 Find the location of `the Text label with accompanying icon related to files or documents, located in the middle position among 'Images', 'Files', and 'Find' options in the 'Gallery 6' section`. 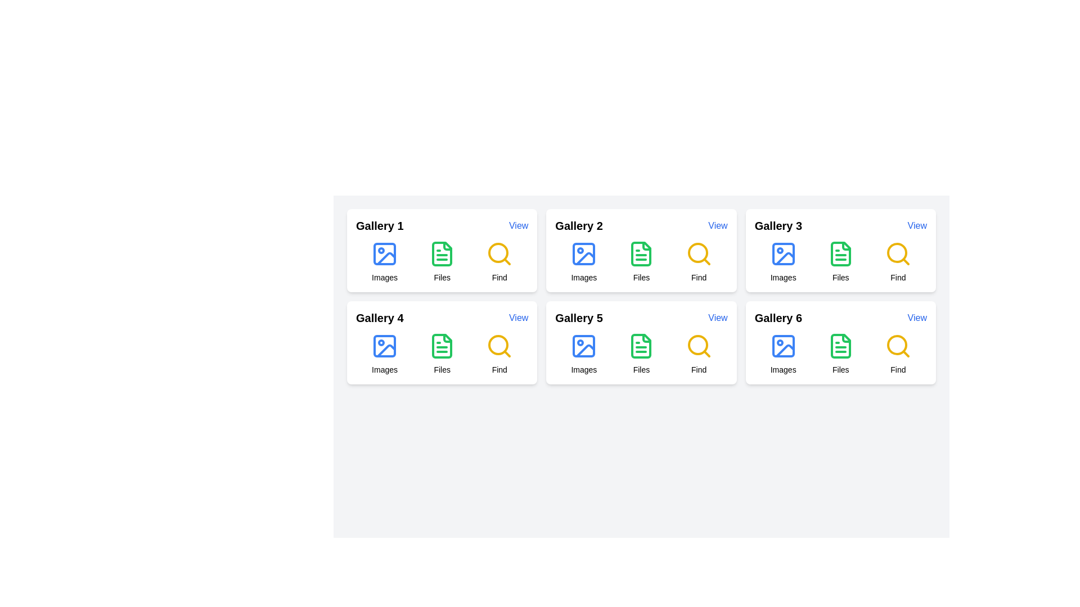

the Text label with accompanying icon related to files or documents, located in the middle position among 'Images', 'Files', and 'Find' options in the 'Gallery 6' section is located at coordinates (840, 353).